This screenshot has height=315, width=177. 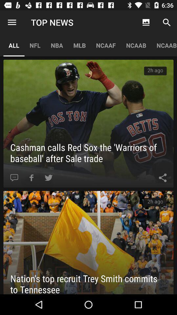 I want to click on item to the right of the ncaaf, so click(x=146, y=22).